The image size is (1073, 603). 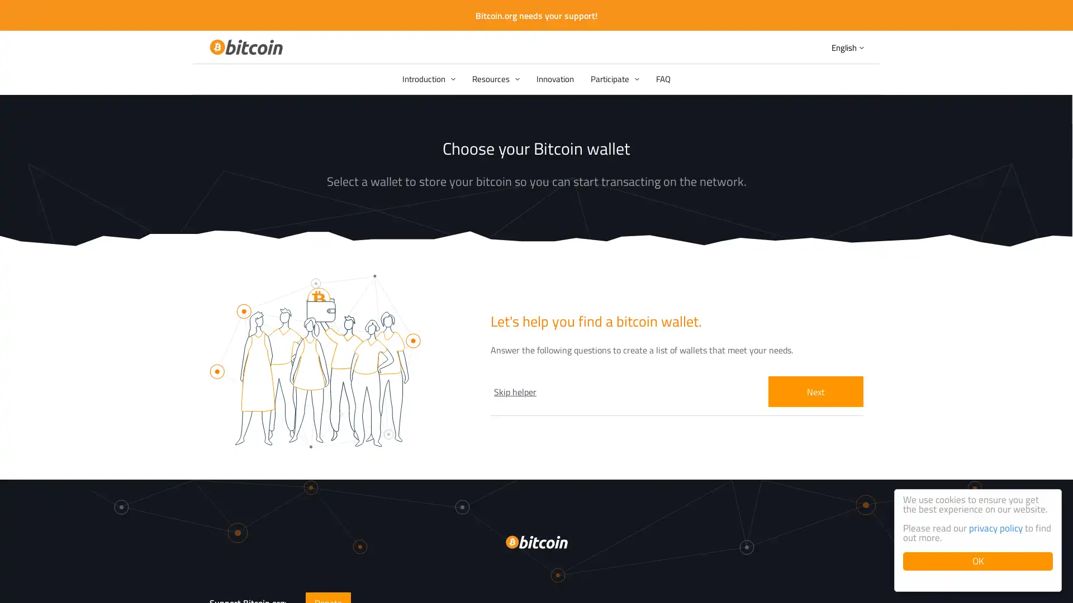 What do you see at coordinates (815, 391) in the screenshot?
I see `Next` at bounding box center [815, 391].